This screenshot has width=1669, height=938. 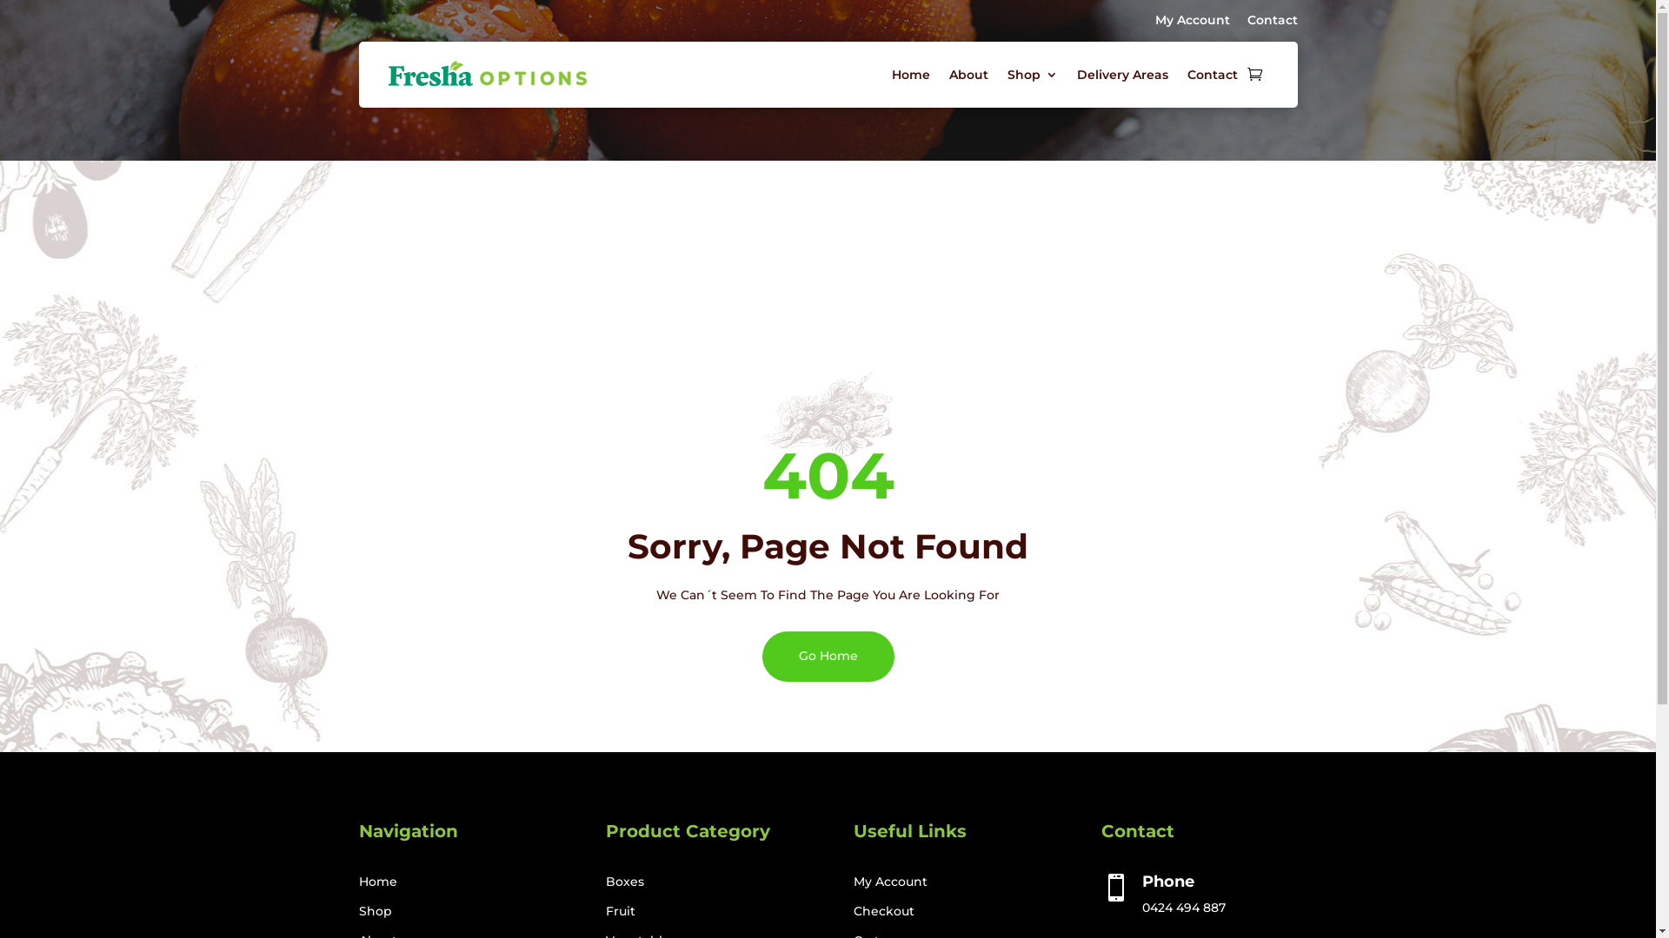 What do you see at coordinates (621, 910) in the screenshot?
I see `'Fruit'` at bounding box center [621, 910].